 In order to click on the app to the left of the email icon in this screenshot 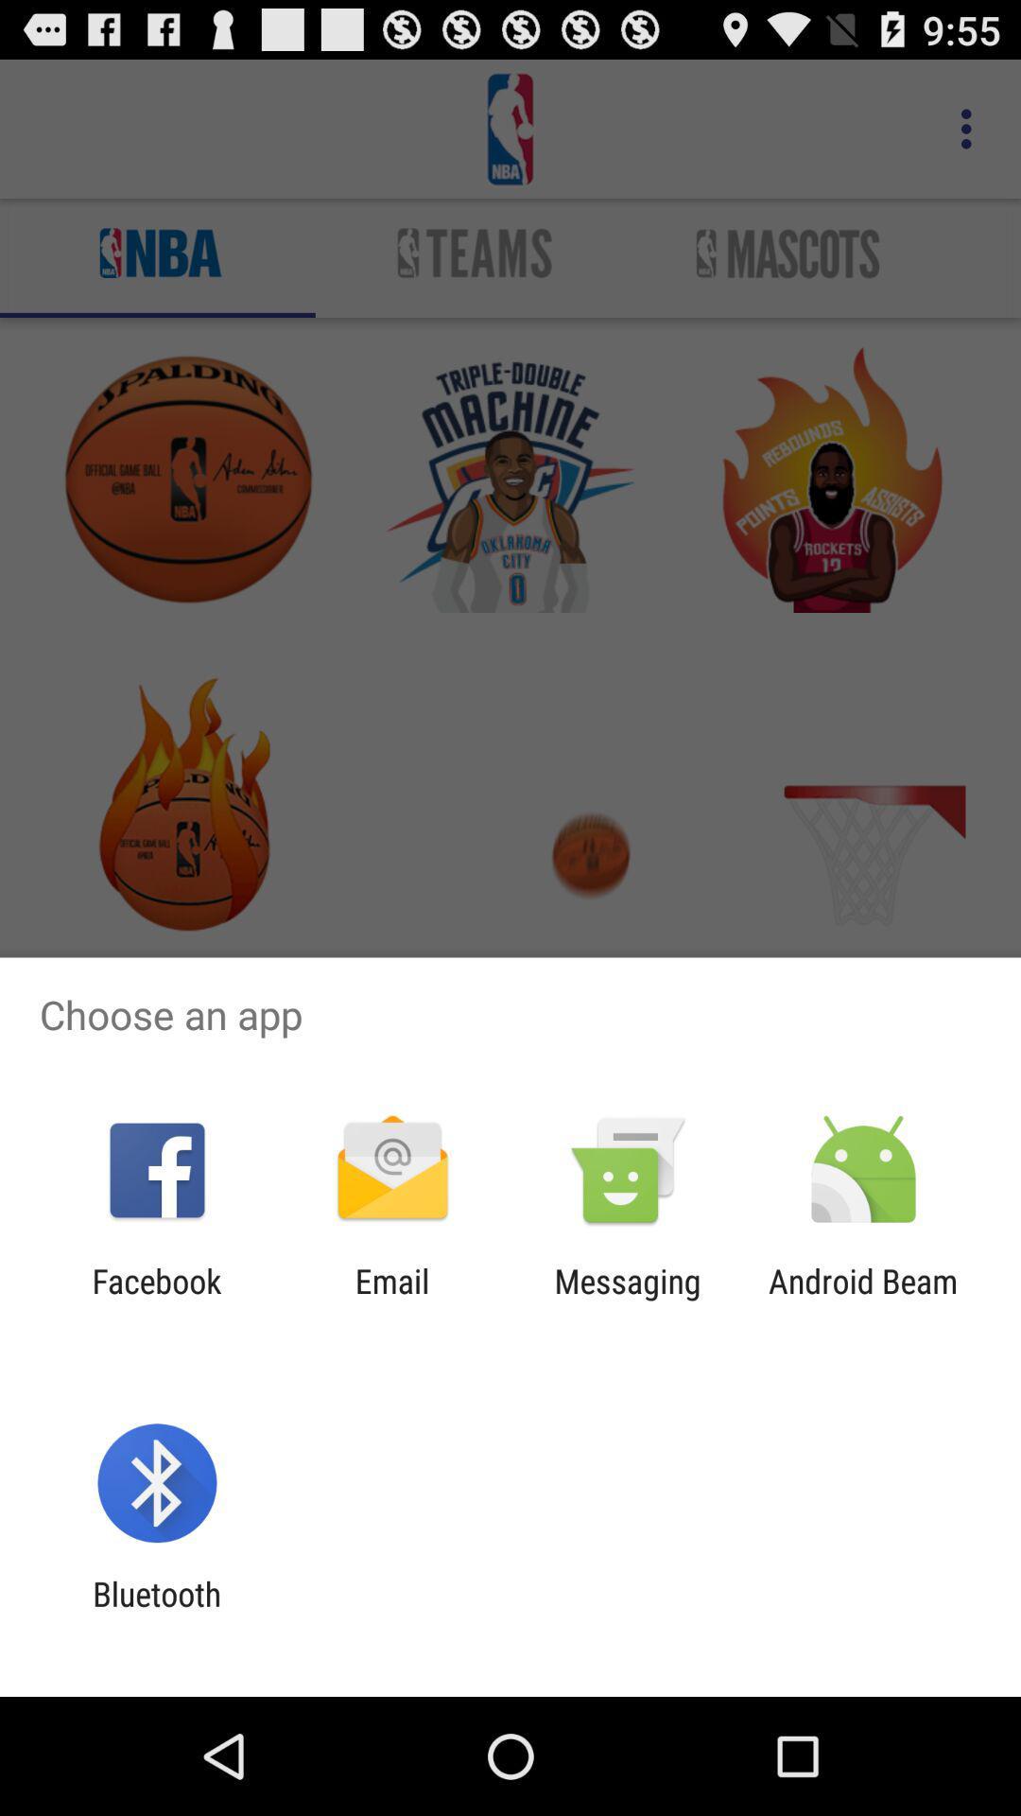, I will do `click(156, 1300)`.